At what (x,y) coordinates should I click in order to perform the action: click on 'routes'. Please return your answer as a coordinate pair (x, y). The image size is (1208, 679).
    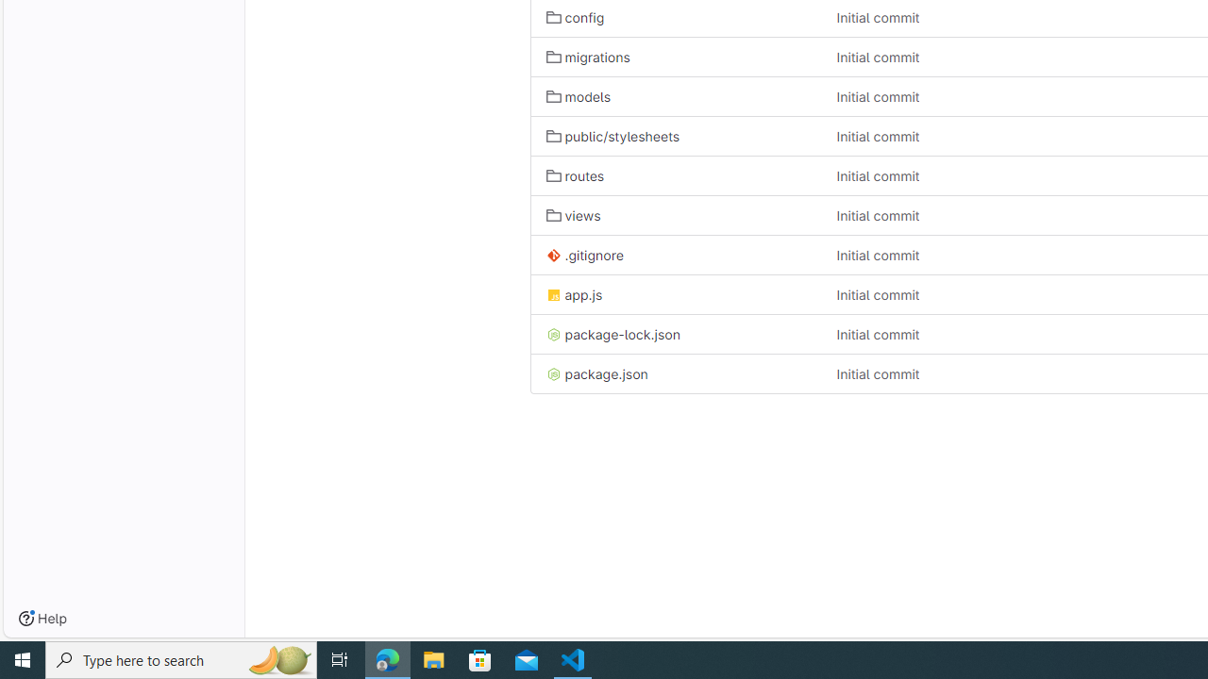
    Looking at the image, I should click on (676, 175).